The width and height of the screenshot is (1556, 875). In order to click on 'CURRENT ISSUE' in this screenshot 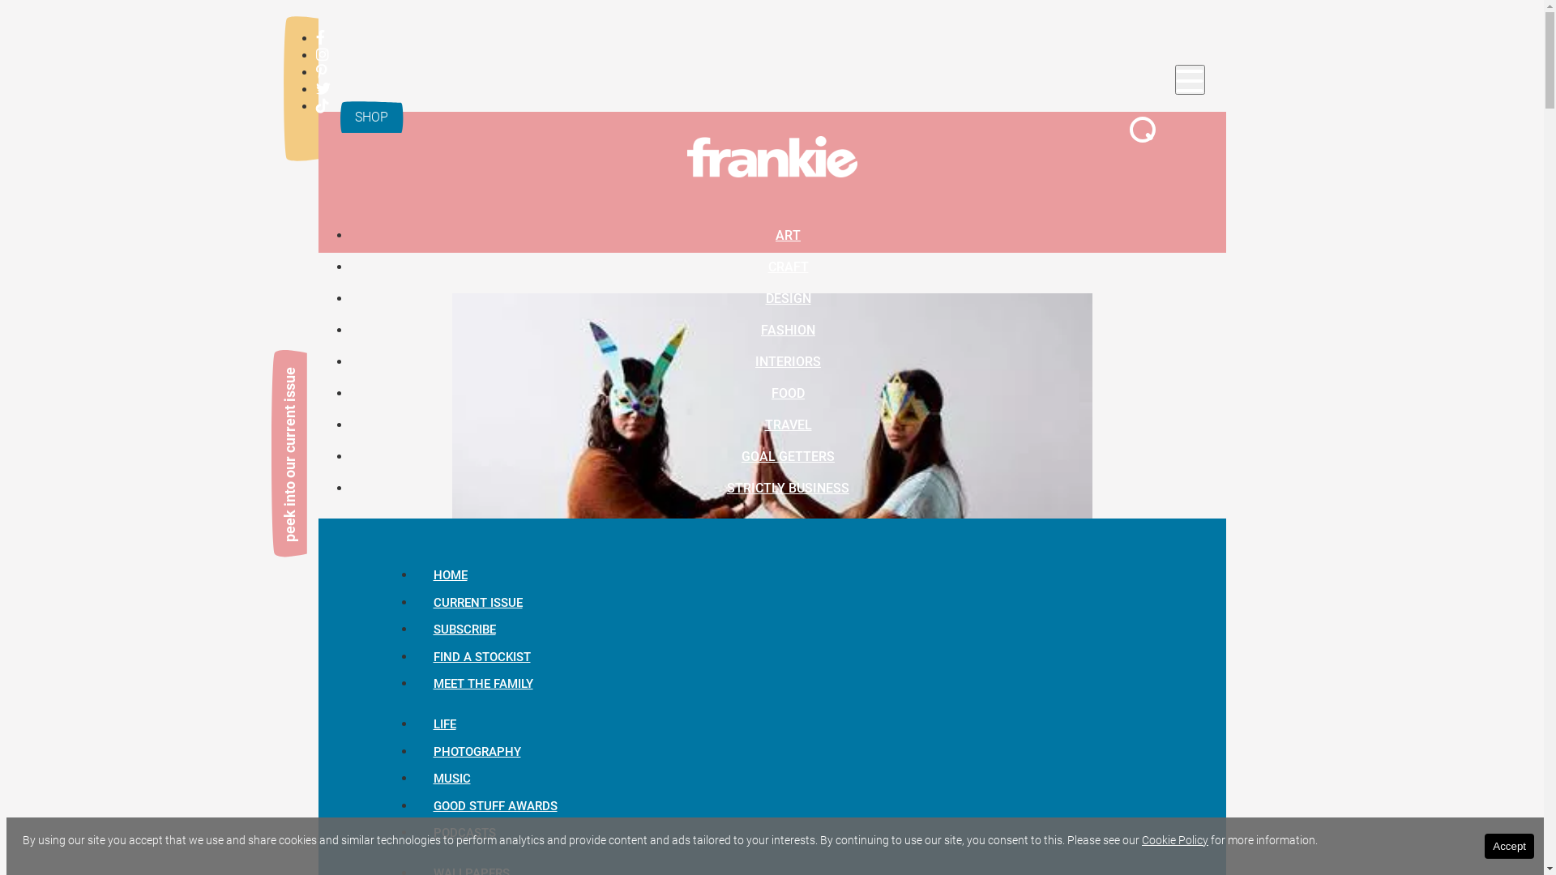, I will do `click(477, 603)`.